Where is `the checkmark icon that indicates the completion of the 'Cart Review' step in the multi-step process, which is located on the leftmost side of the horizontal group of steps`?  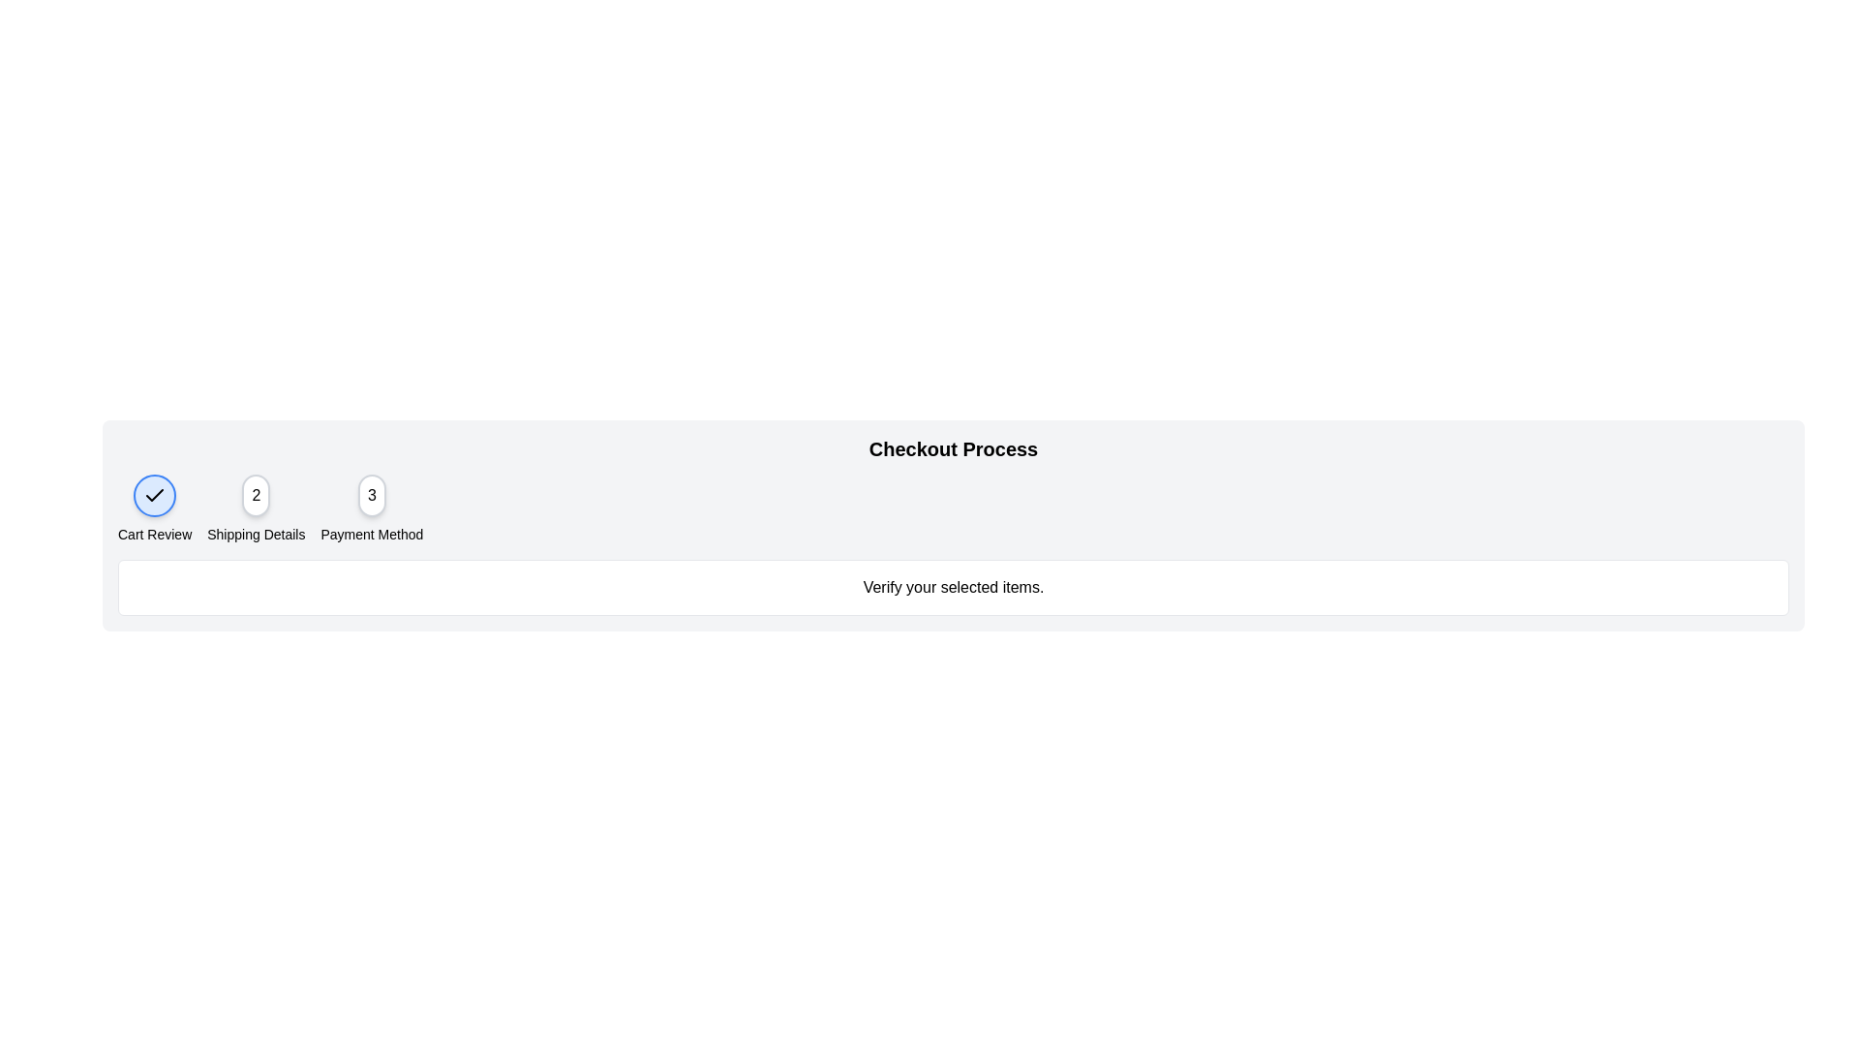
the checkmark icon that indicates the completion of the 'Cart Review' step in the multi-step process, which is located on the leftmost side of the horizontal group of steps is located at coordinates (155, 495).